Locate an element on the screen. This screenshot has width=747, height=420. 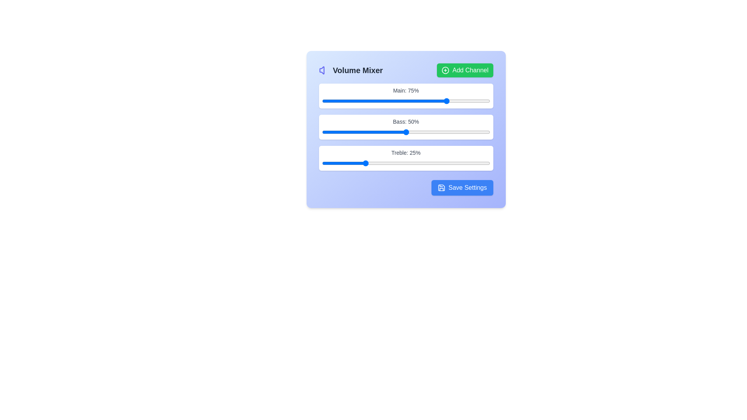
the main volume slider is located at coordinates (469, 100).